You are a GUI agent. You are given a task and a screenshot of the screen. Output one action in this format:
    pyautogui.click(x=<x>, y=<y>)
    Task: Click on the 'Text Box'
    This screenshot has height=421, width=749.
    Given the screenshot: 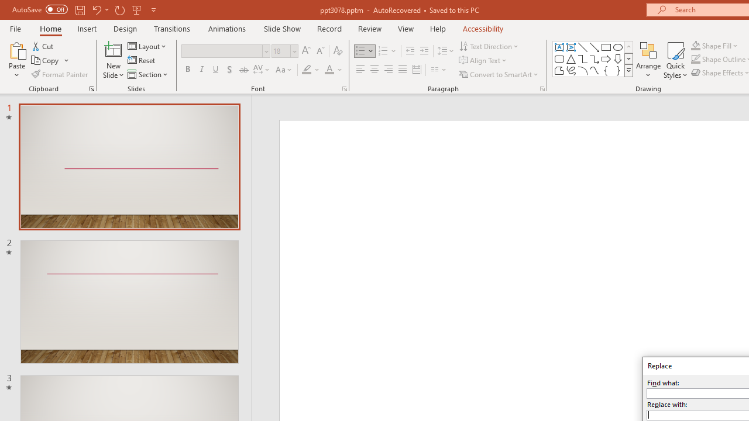 What is the action you would take?
    pyautogui.click(x=559, y=47)
    